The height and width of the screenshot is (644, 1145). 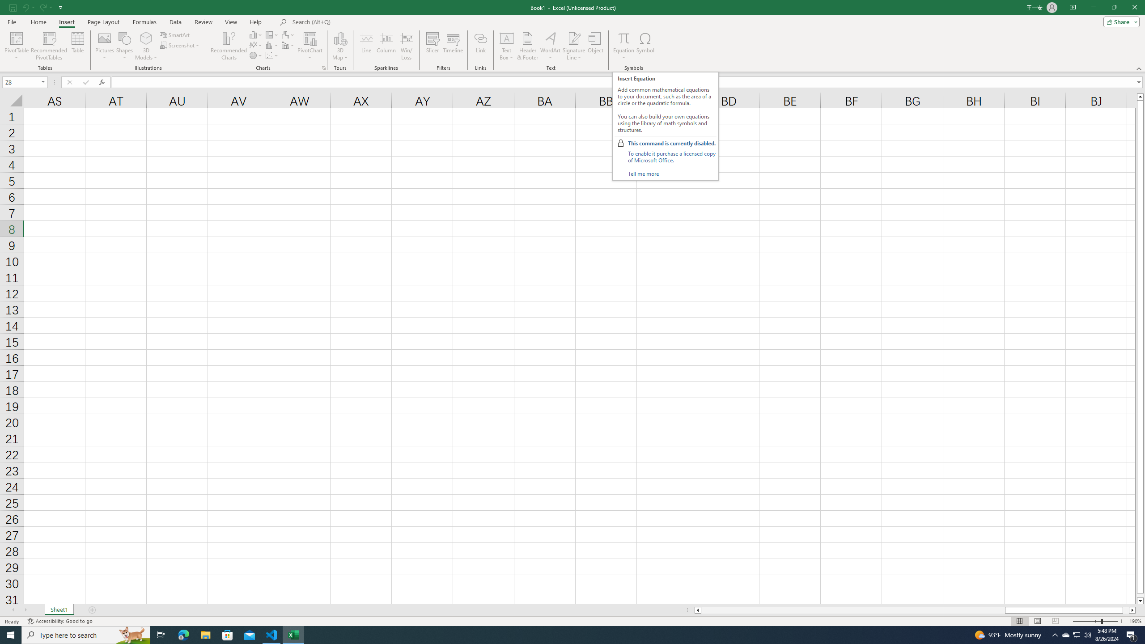 I want to click on 'Symbol...', so click(x=645, y=46).